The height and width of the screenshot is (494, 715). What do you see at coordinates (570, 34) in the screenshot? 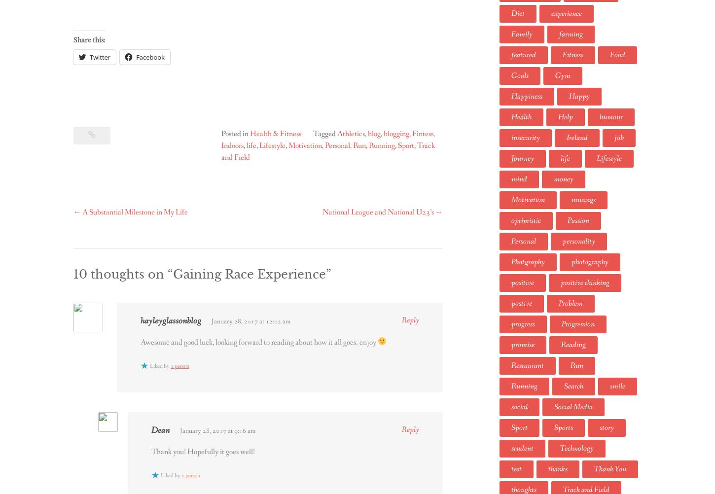
I see `'farming'` at bounding box center [570, 34].